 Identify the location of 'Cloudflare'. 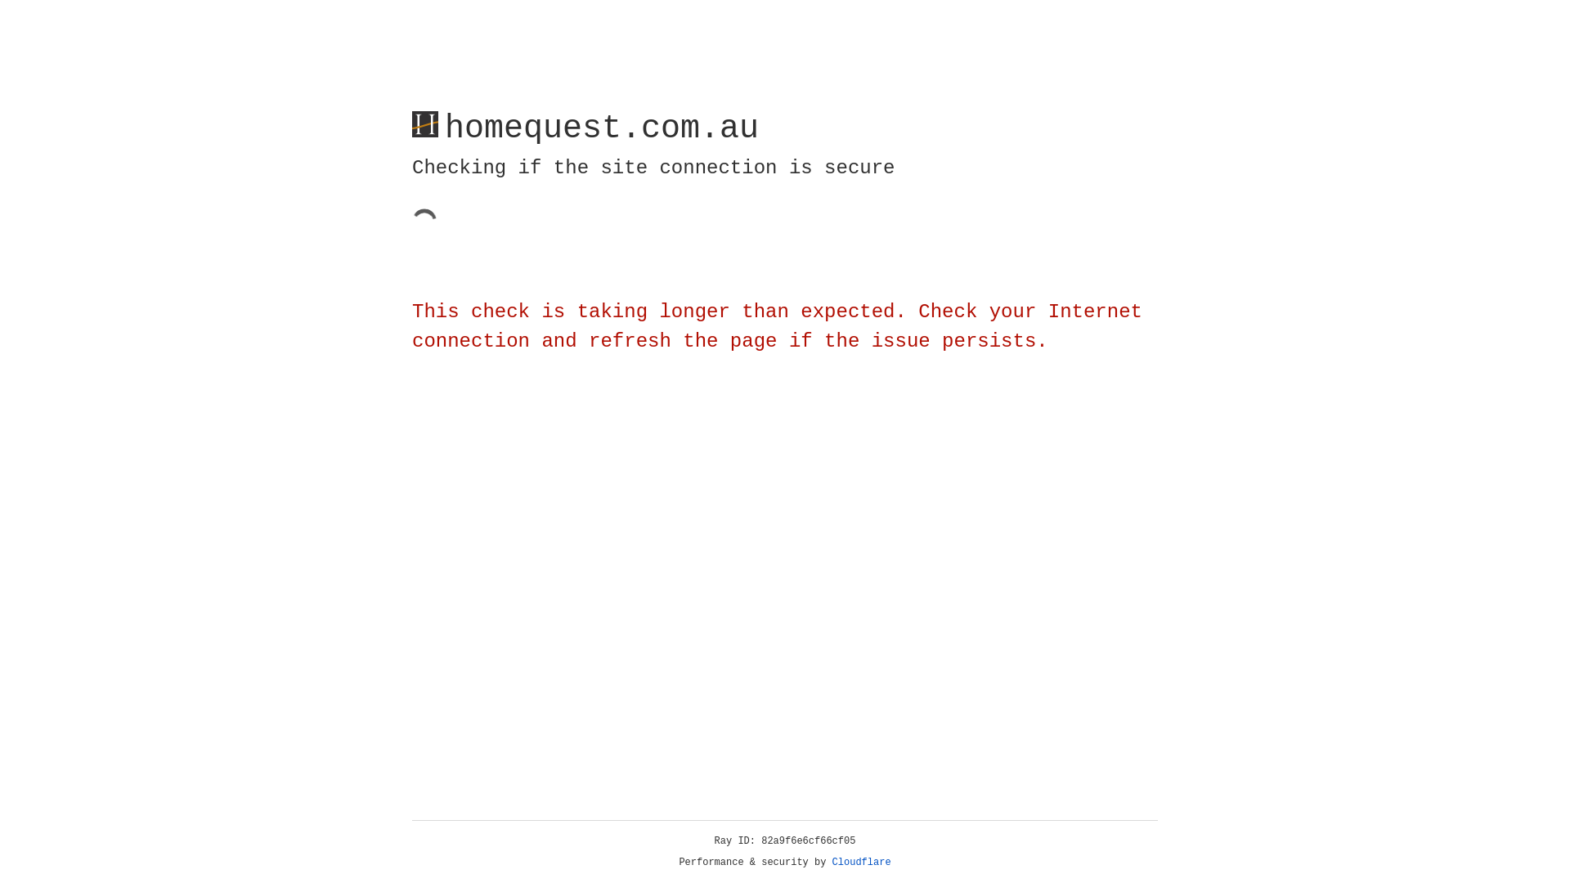
(861, 862).